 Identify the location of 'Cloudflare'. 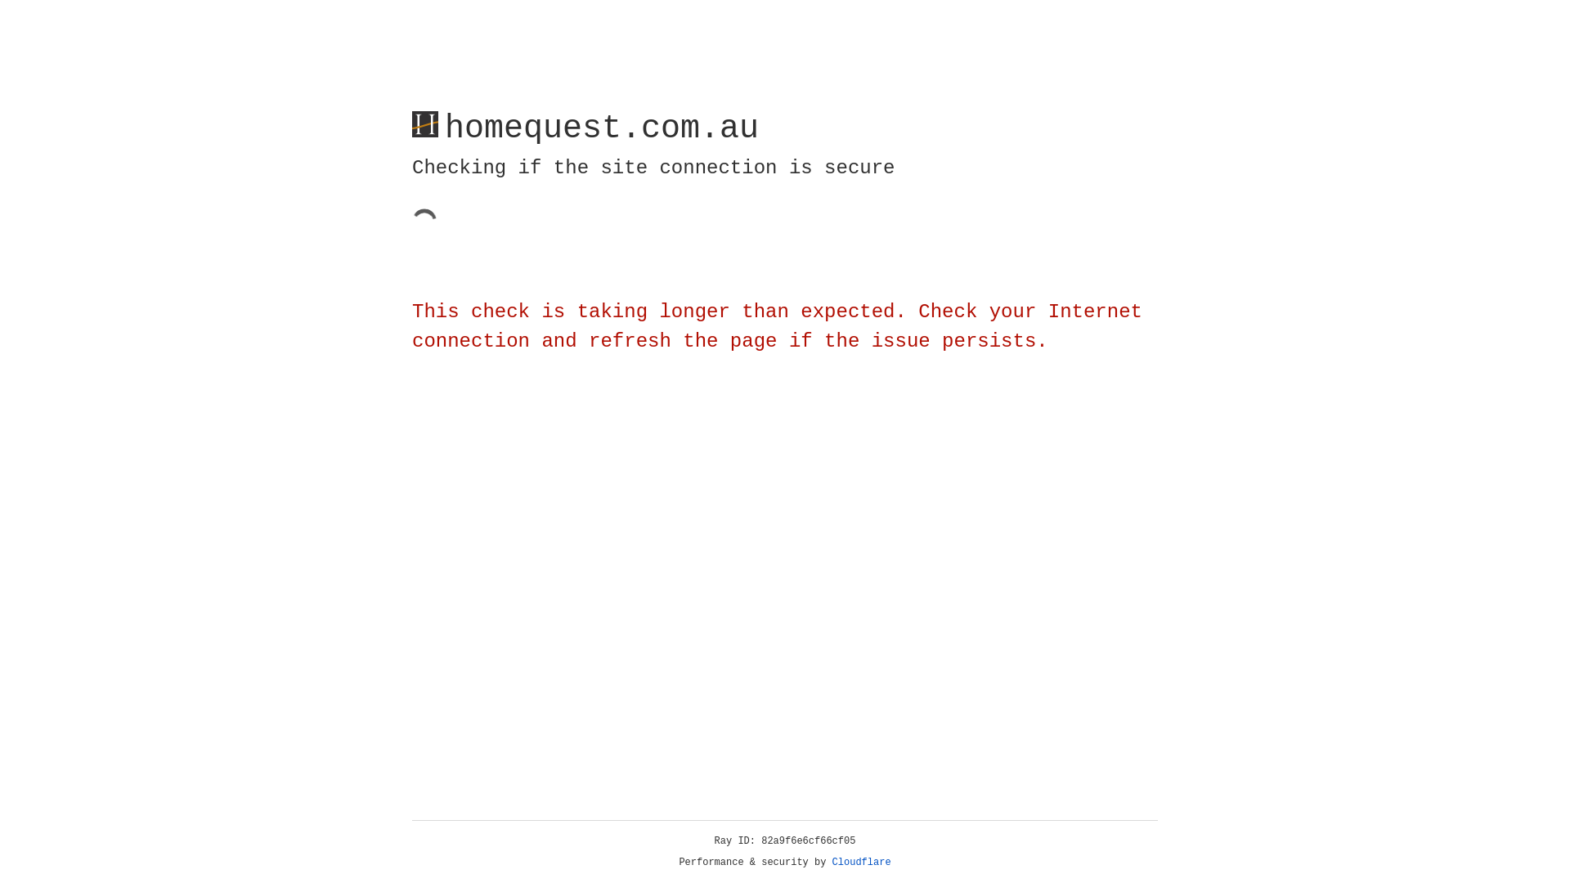
(861, 862).